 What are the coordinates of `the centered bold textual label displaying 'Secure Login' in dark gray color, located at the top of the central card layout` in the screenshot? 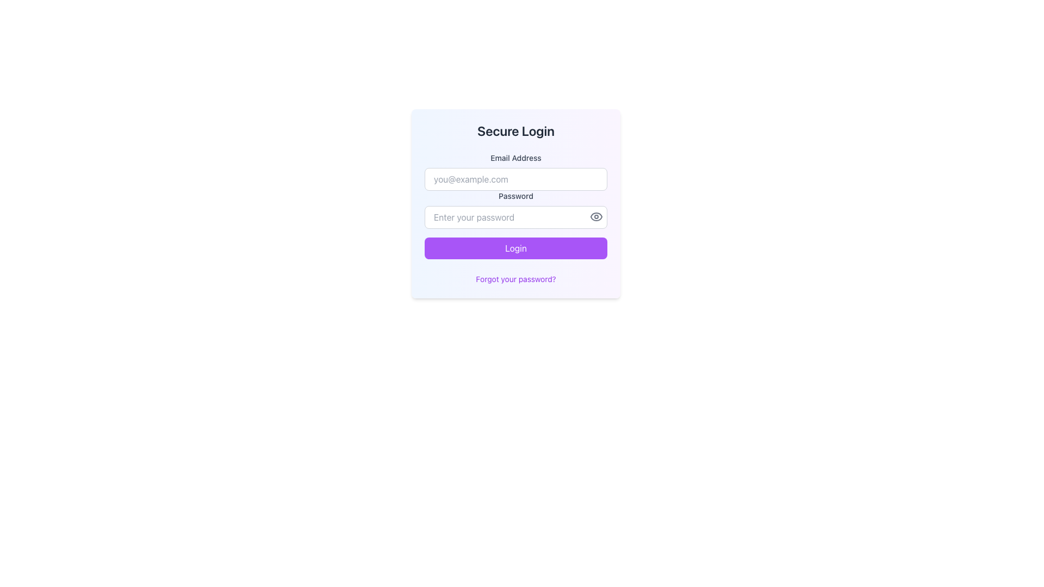 It's located at (515, 130).